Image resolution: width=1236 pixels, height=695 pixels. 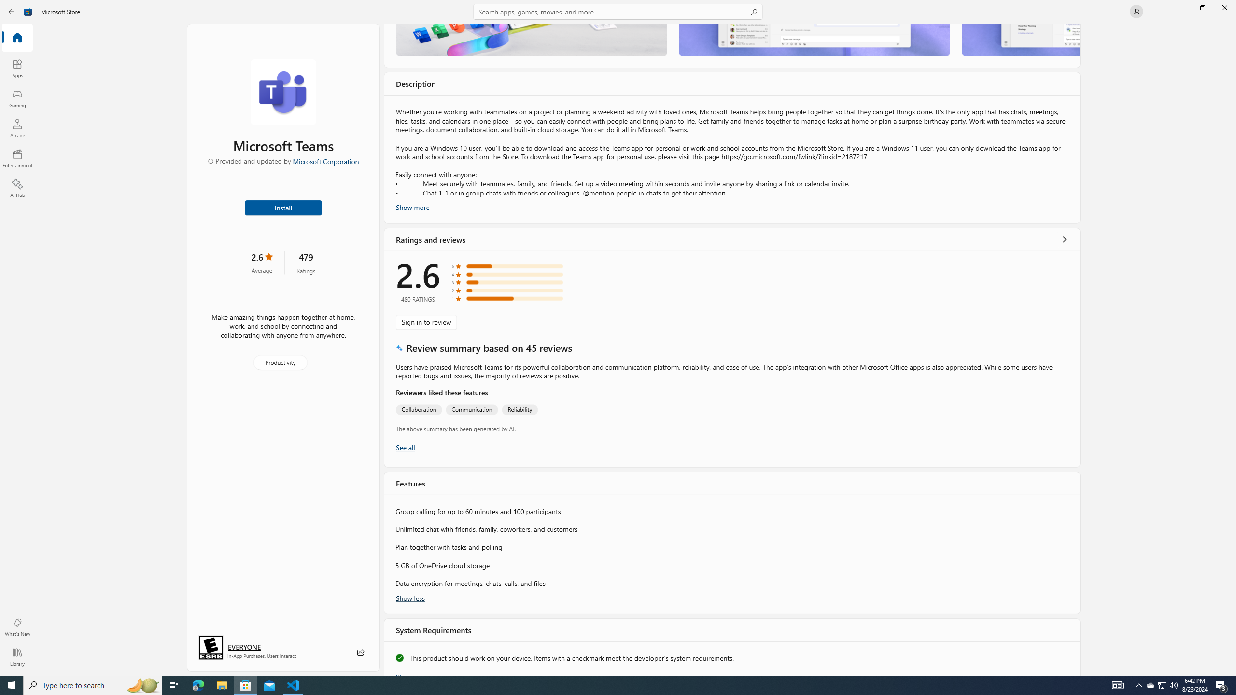 I want to click on 'User profile', so click(x=1136, y=11).